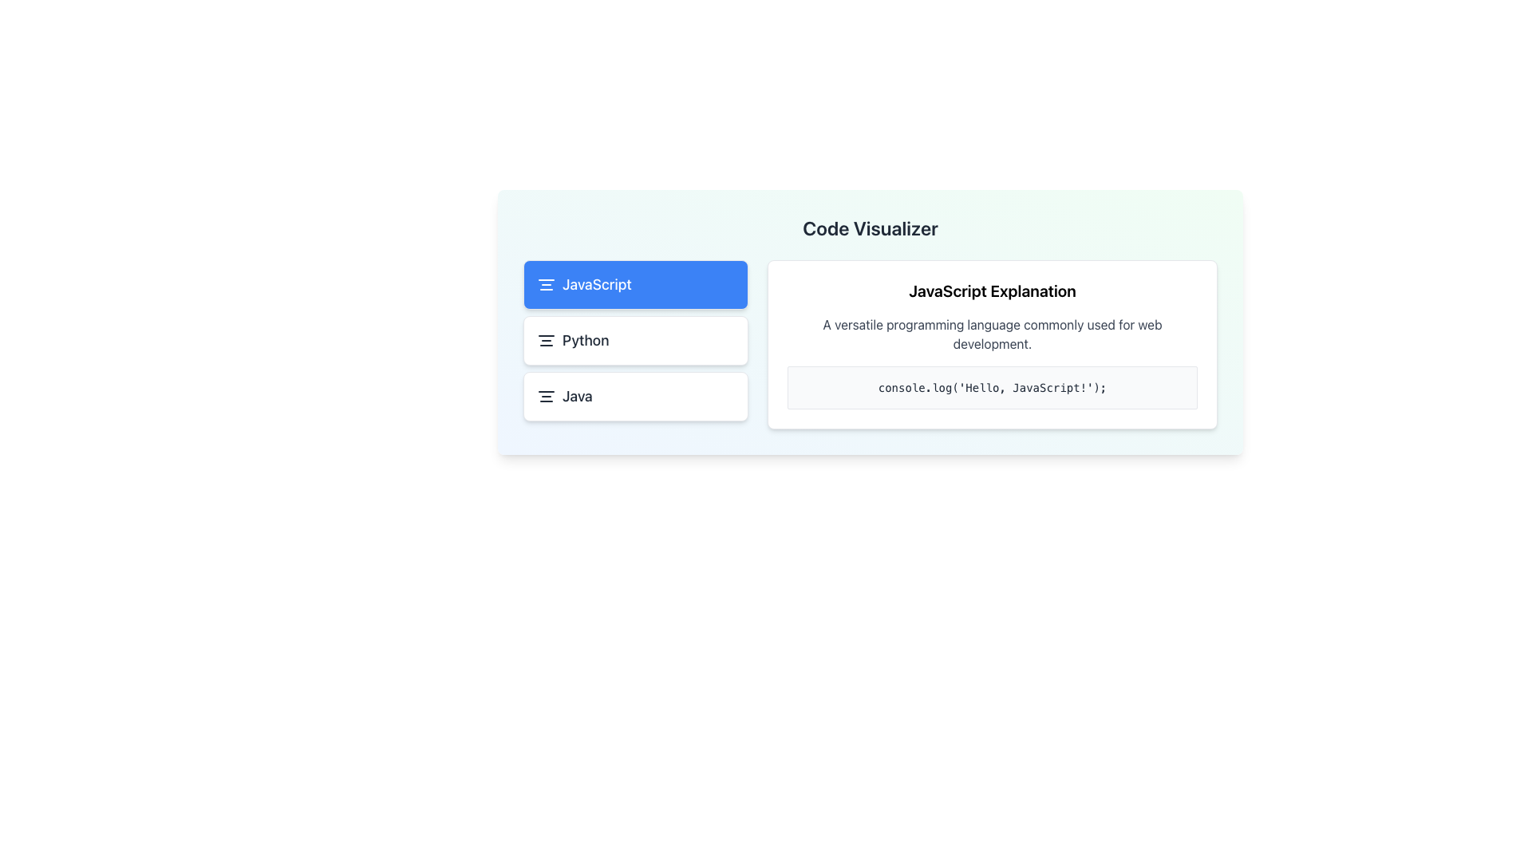 The width and height of the screenshot is (1532, 862). I want to click on the third selectable list item labeled 'Java', so click(634, 396).